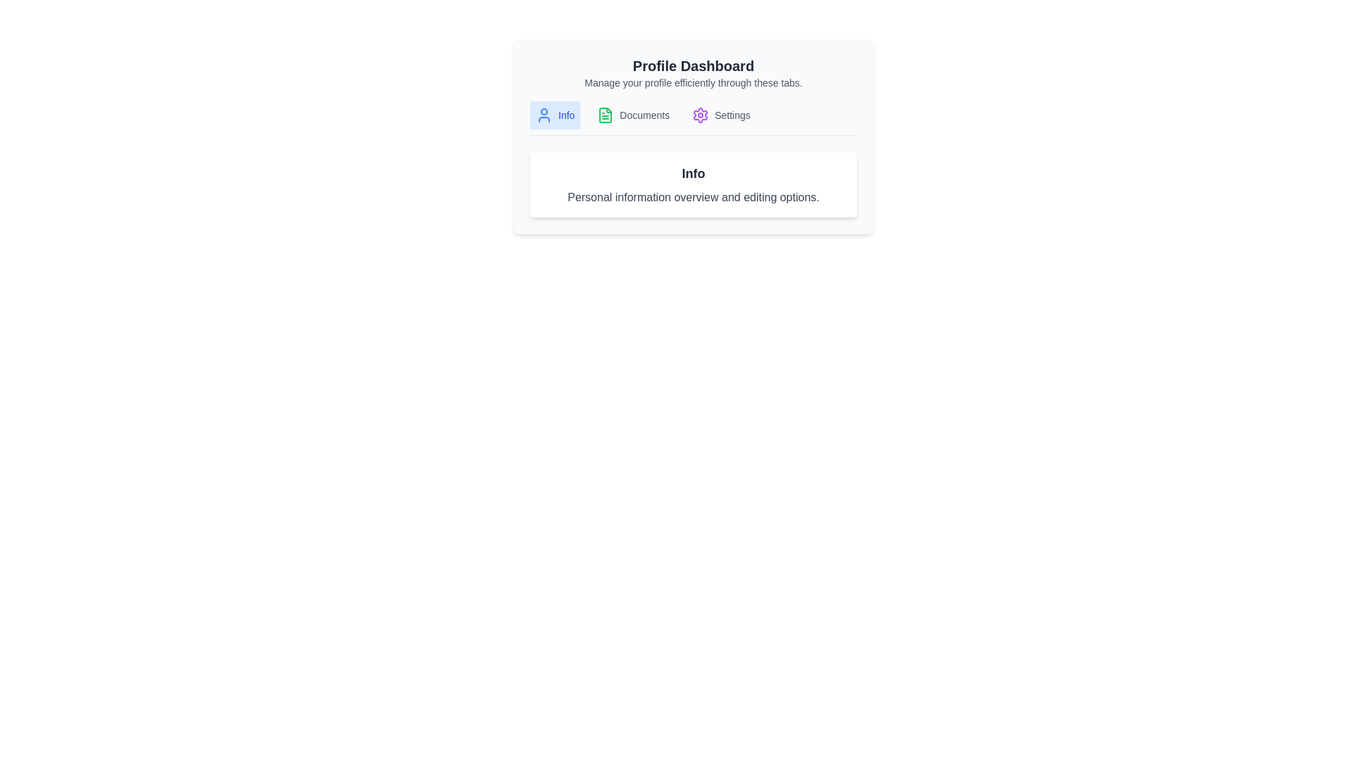 The image size is (1352, 760). What do you see at coordinates (720, 115) in the screenshot?
I see `the Settings tab to observe its specific content` at bounding box center [720, 115].